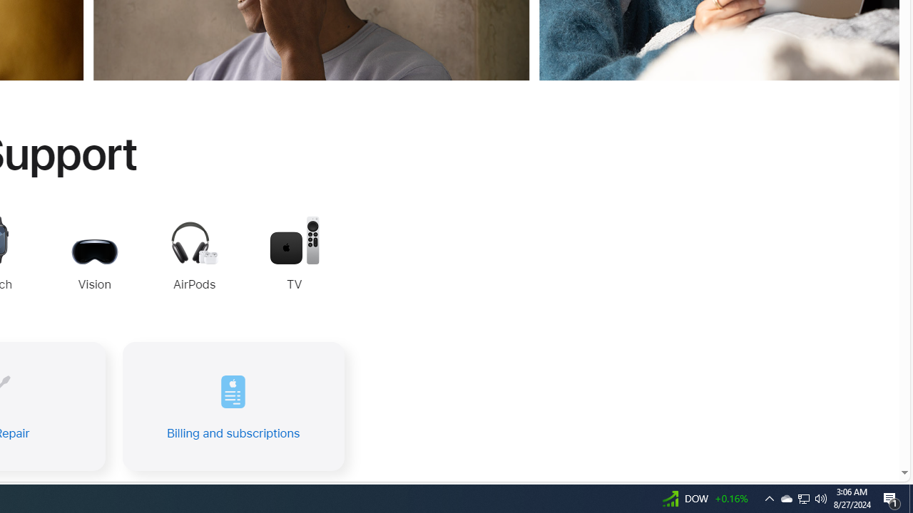 Image resolution: width=913 pixels, height=513 pixels. Describe the element at coordinates (233, 406) in the screenshot. I see `'Billing and subscriptions'` at that location.